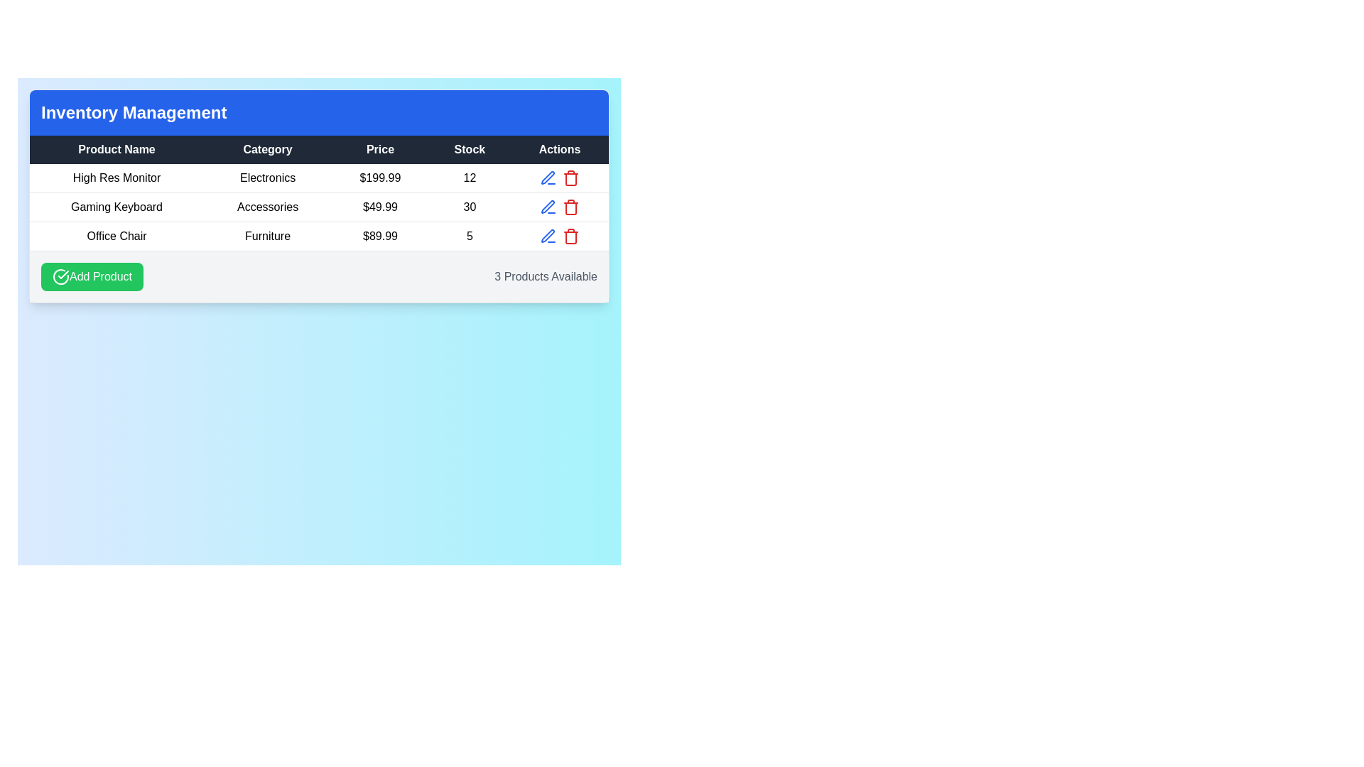  What do you see at coordinates (570, 177) in the screenshot?
I see `the delete Icon button located in the 'Actions' column of the first row of the table` at bounding box center [570, 177].